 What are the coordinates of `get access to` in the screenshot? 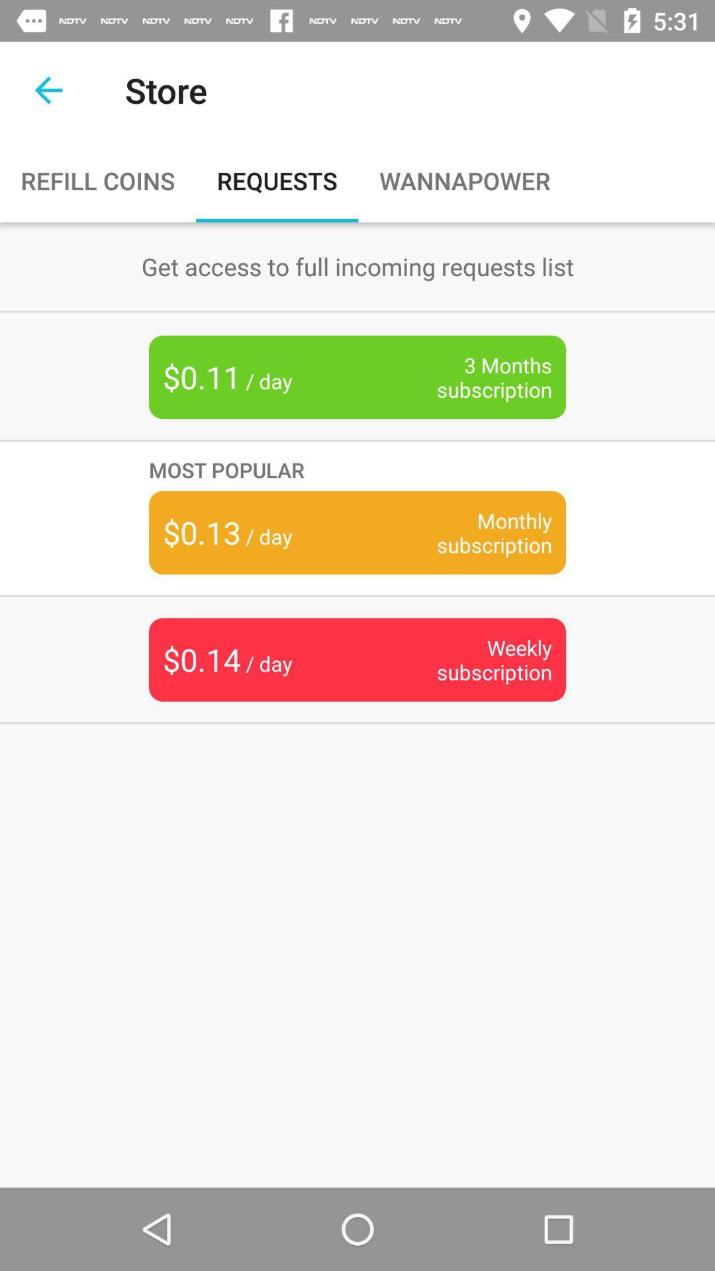 It's located at (358, 265).